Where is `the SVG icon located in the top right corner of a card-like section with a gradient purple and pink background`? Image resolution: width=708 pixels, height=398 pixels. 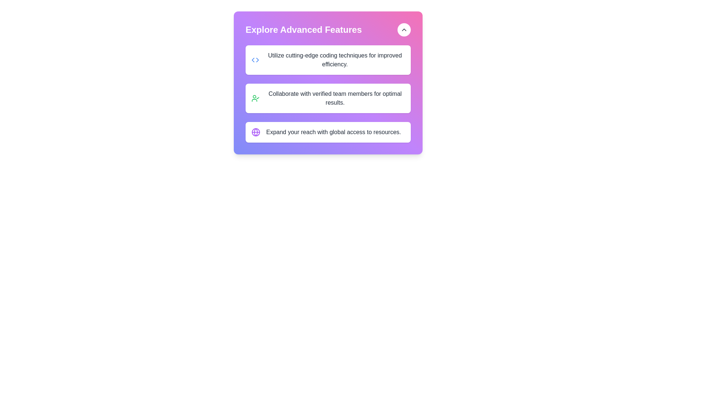 the SVG icon located in the top right corner of a card-like section with a gradient purple and pink background is located at coordinates (403, 29).